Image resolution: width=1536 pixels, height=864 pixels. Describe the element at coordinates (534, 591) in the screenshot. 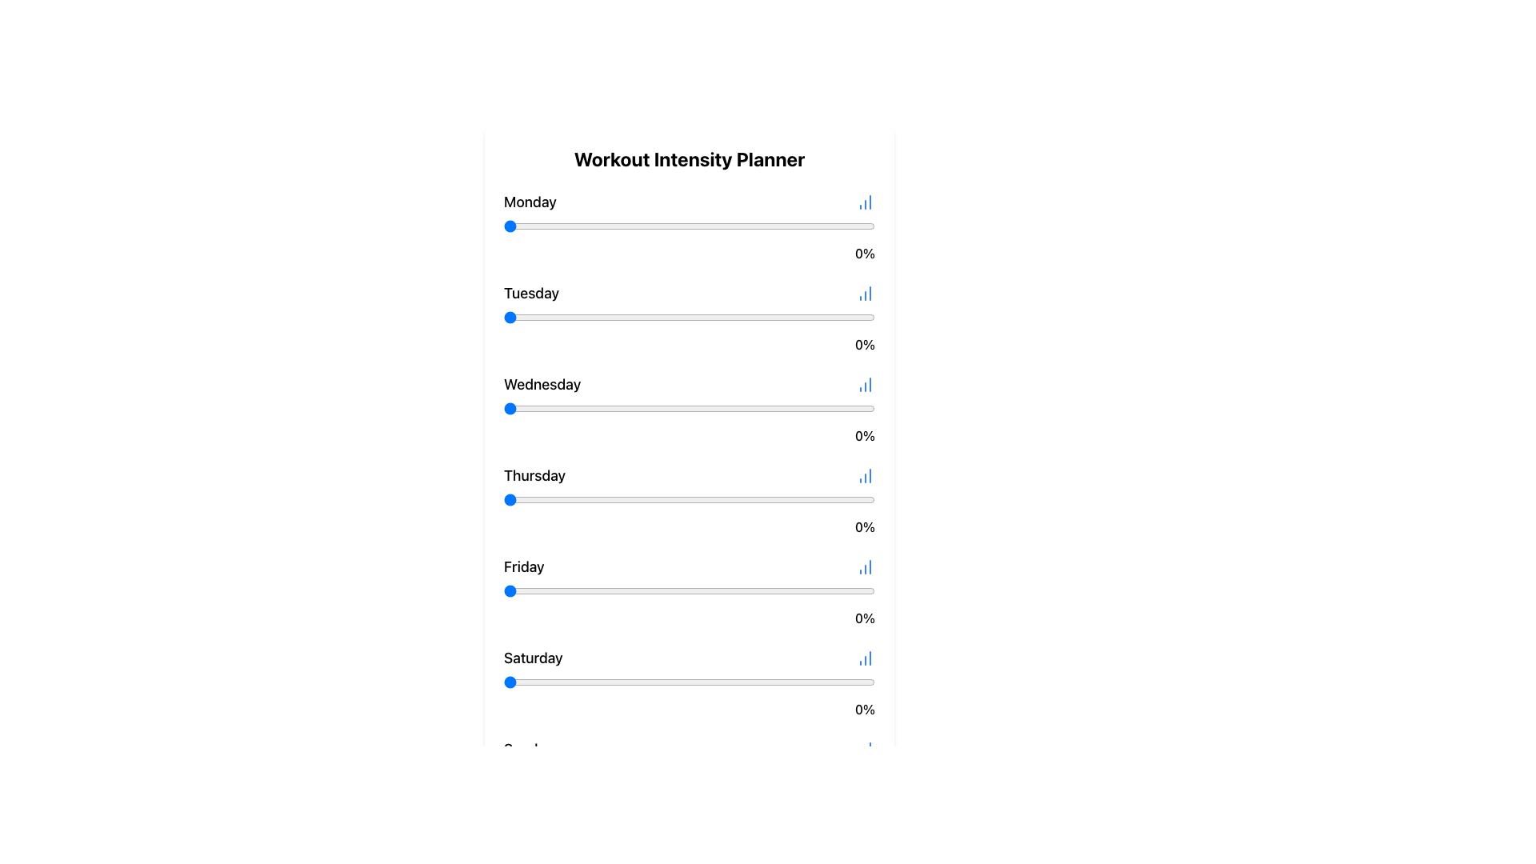

I see `the Friday intensity` at that location.